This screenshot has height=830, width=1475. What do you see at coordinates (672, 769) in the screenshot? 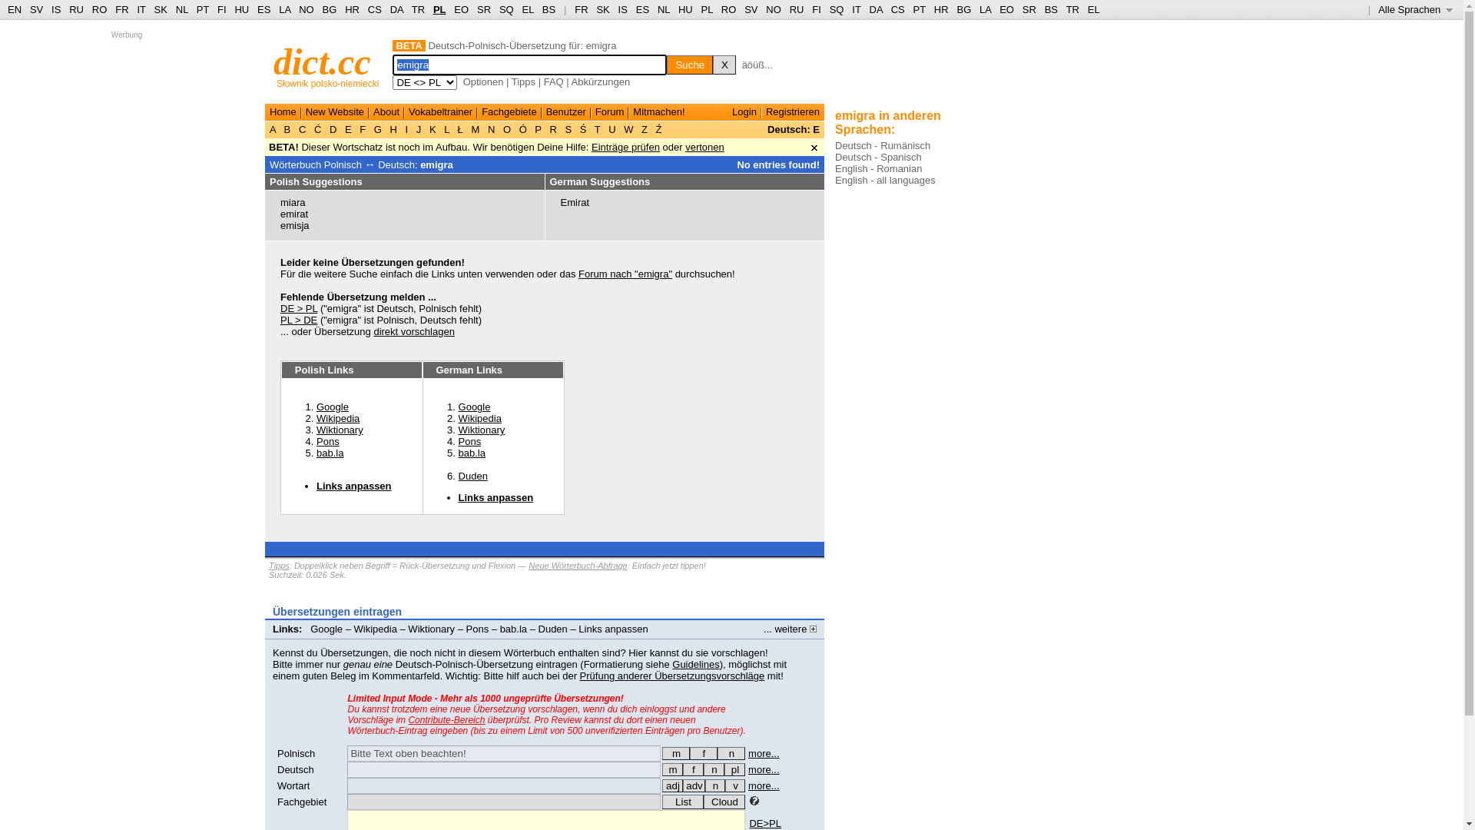
I see `'m'` at bounding box center [672, 769].